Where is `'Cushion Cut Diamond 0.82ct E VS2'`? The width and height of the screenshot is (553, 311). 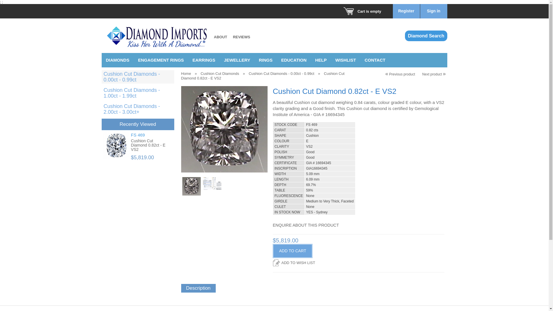 'Cushion Cut Diamond 0.82ct E VS2' is located at coordinates (211, 183).